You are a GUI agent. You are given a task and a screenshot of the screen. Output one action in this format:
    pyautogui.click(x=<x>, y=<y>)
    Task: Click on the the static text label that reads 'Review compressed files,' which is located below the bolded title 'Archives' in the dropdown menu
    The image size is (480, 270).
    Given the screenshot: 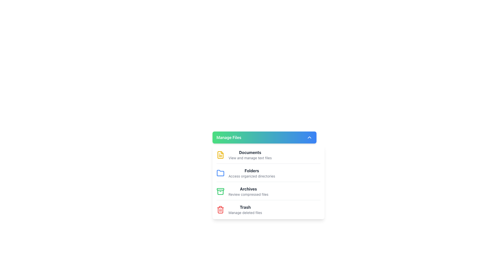 What is the action you would take?
    pyautogui.click(x=248, y=194)
    